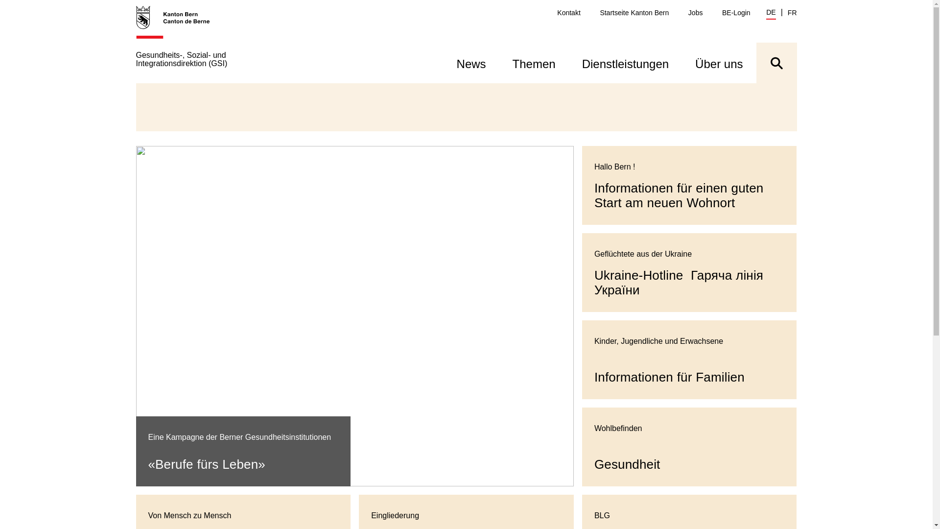  What do you see at coordinates (736, 13) in the screenshot?
I see `'BE-Login'` at bounding box center [736, 13].